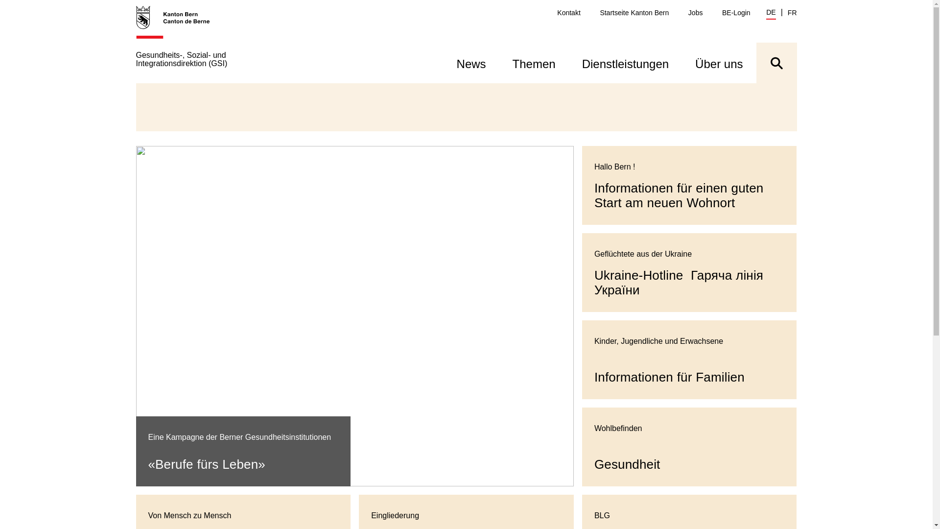  What do you see at coordinates (736, 13) in the screenshot?
I see `'BE-Login'` at bounding box center [736, 13].